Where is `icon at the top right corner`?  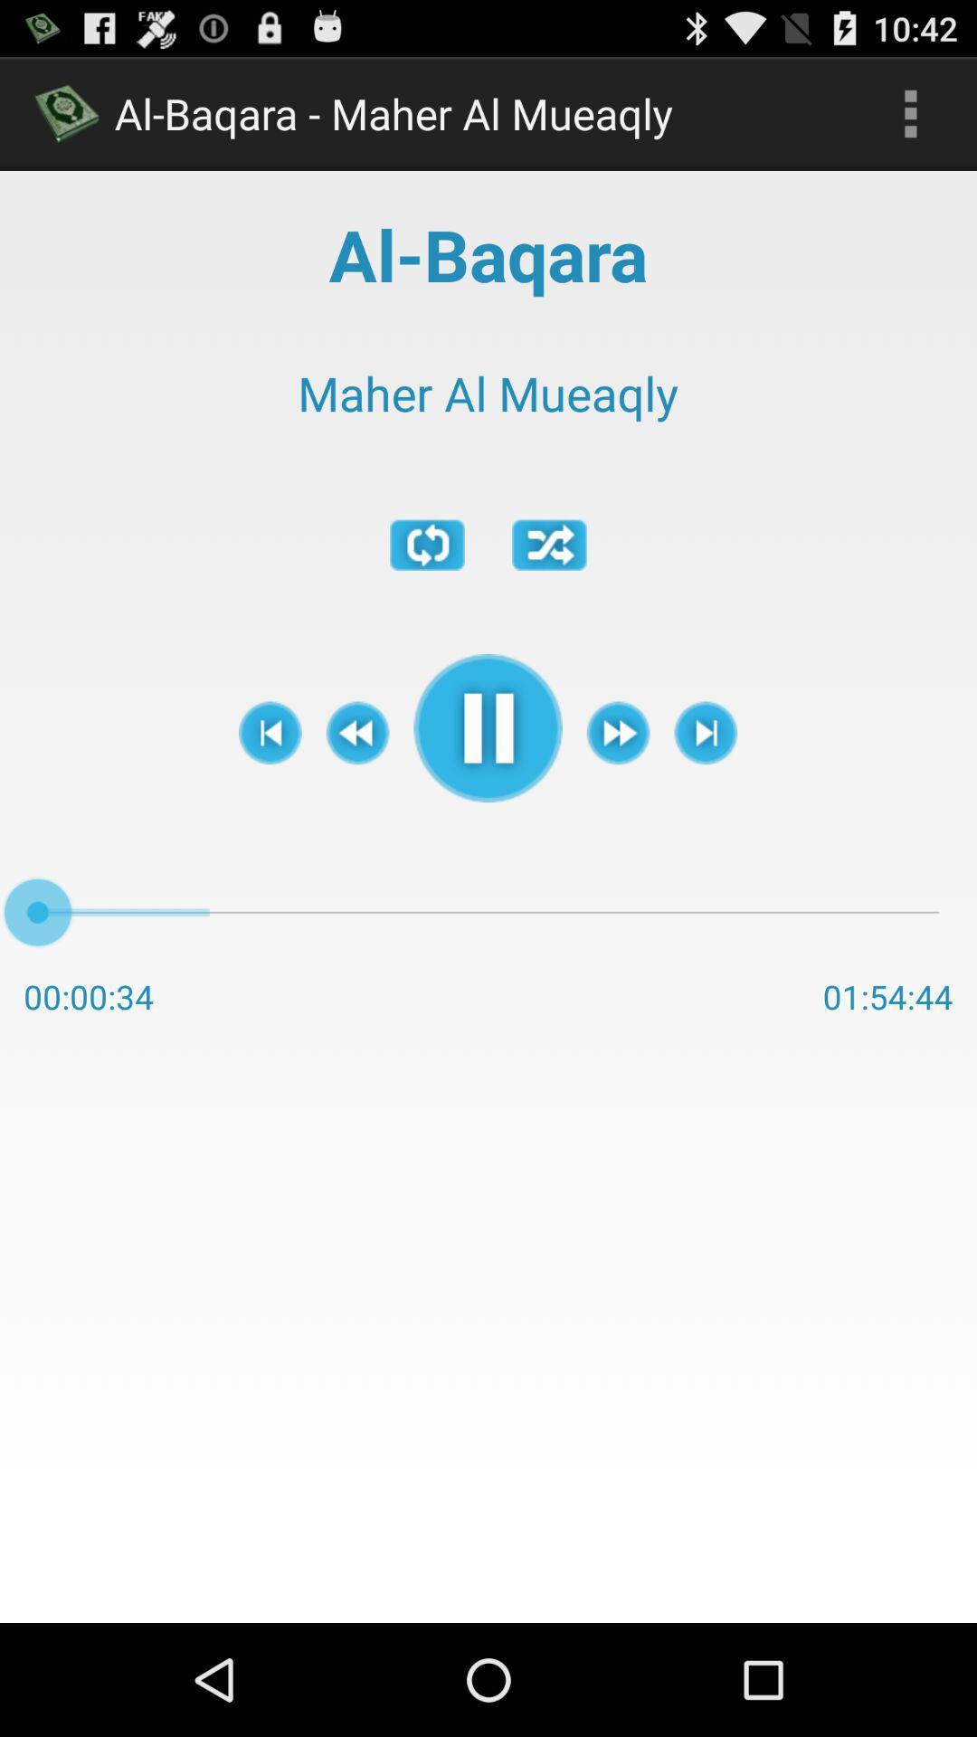
icon at the top right corner is located at coordinates (910, 112).